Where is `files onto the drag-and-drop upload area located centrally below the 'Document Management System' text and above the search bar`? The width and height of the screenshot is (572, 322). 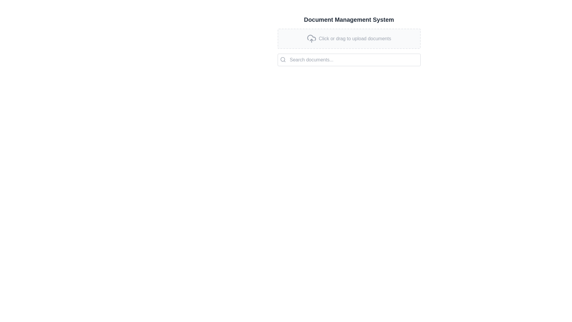 files onto the drag-and-drop upload area located centrally below the 'Document Management System' text and above the search bar is located at coordinates (349, 39).